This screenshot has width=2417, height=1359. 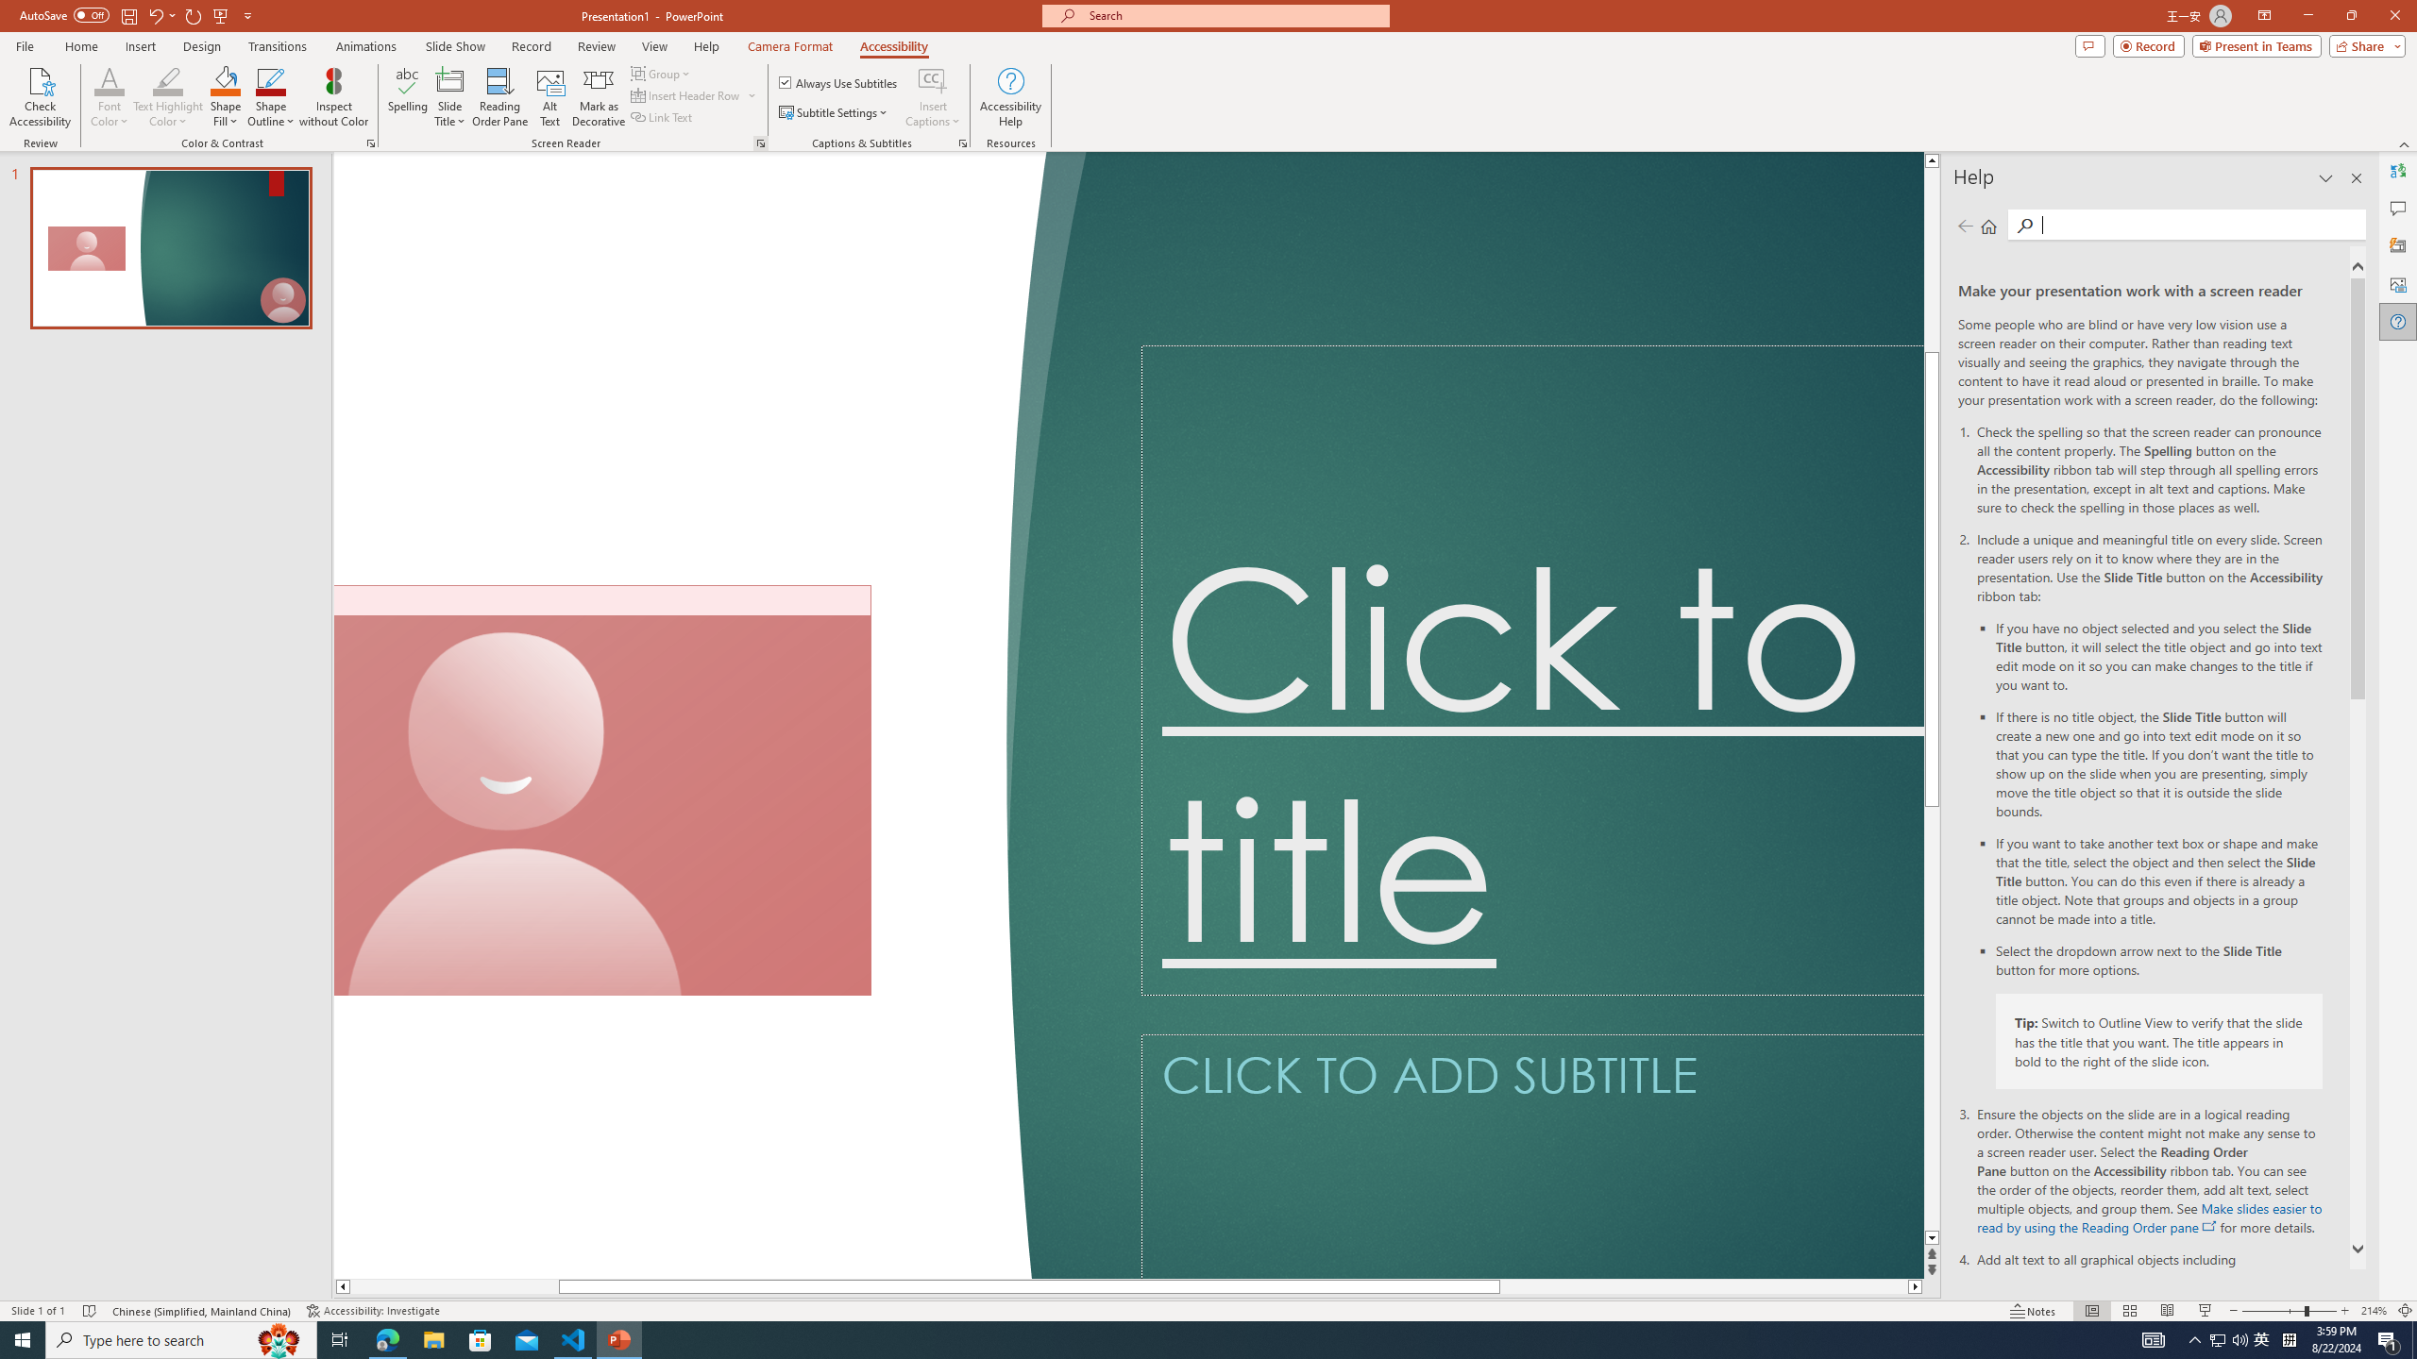 I want to click on 'Camera 7, No camera detected.', so click(x=601, y=791).